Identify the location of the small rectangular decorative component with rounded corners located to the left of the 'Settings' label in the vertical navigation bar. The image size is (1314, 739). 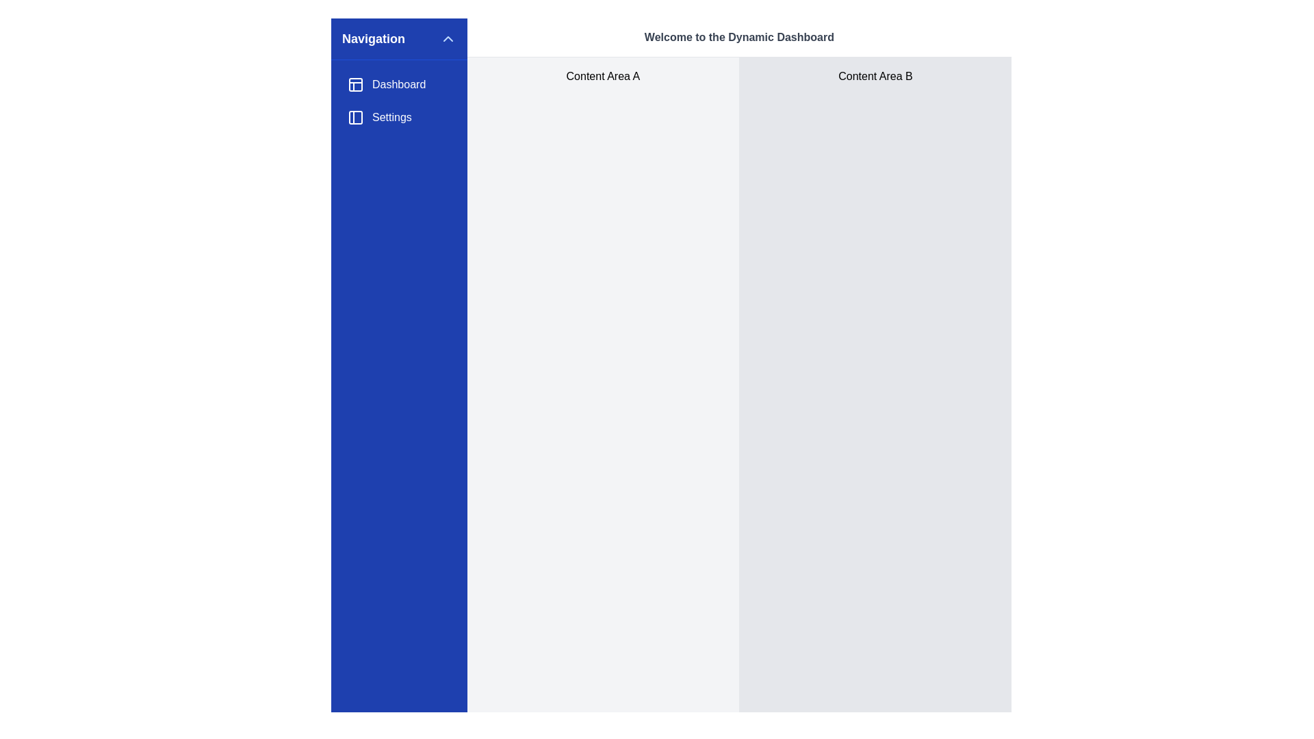
(355, 117).